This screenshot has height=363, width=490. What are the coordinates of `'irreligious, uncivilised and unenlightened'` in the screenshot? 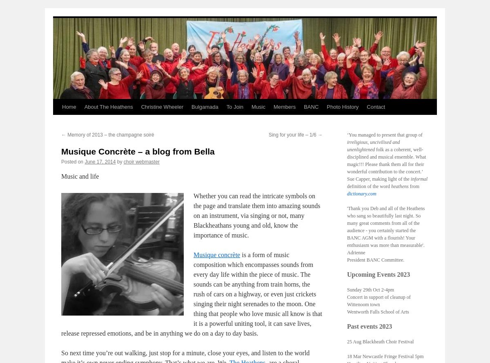 It's located at (373, 146).